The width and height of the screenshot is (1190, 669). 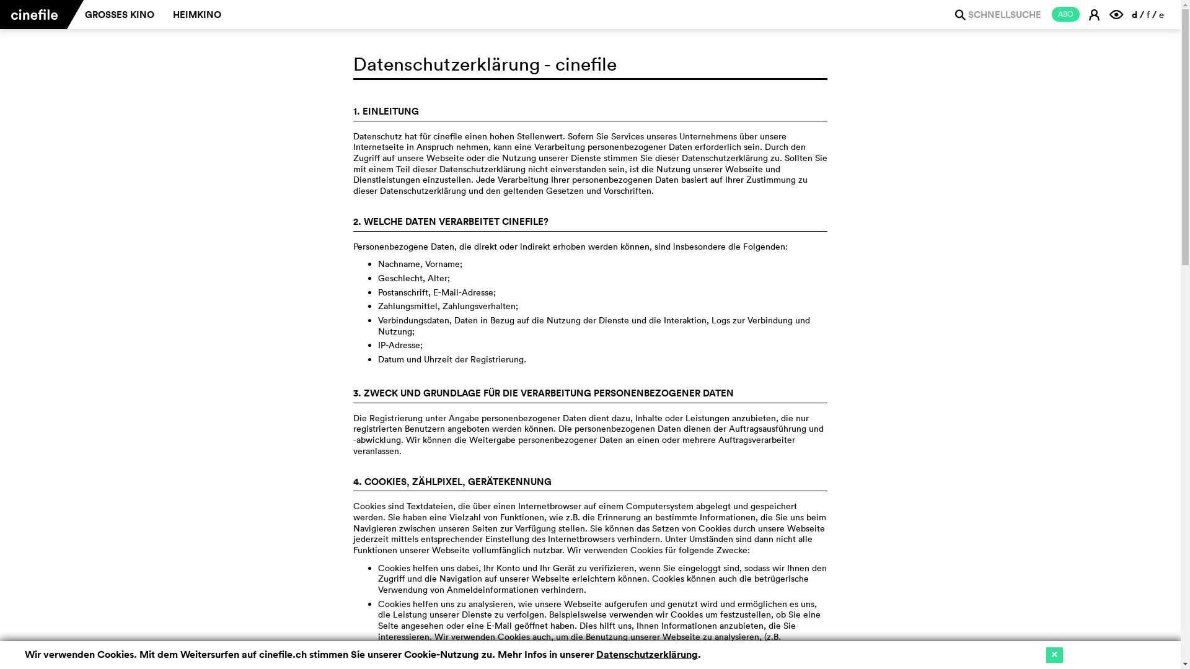 What do you see at coordinates (1117, 14) in the screenshot?
I see `'F'` at bounding box center [1117, 14].